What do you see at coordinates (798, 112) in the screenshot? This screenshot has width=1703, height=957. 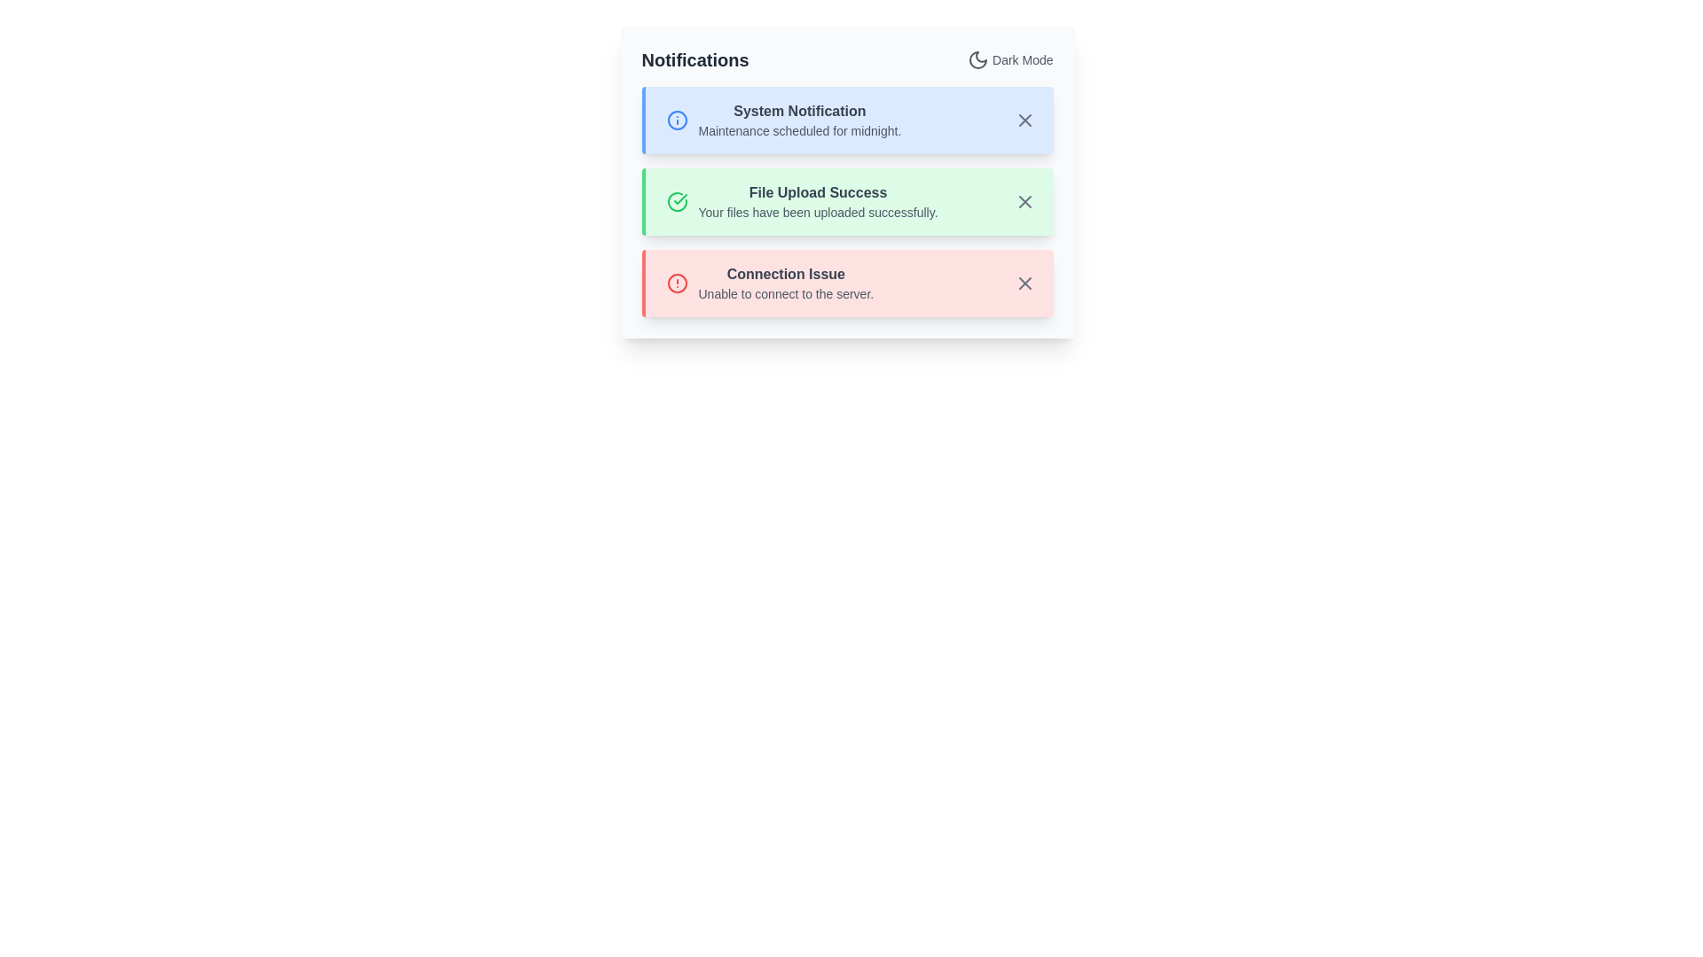 I see `title text located at the top left corner of the blue notification box under the 'Notifications' header` at bounding box center [798, 112].